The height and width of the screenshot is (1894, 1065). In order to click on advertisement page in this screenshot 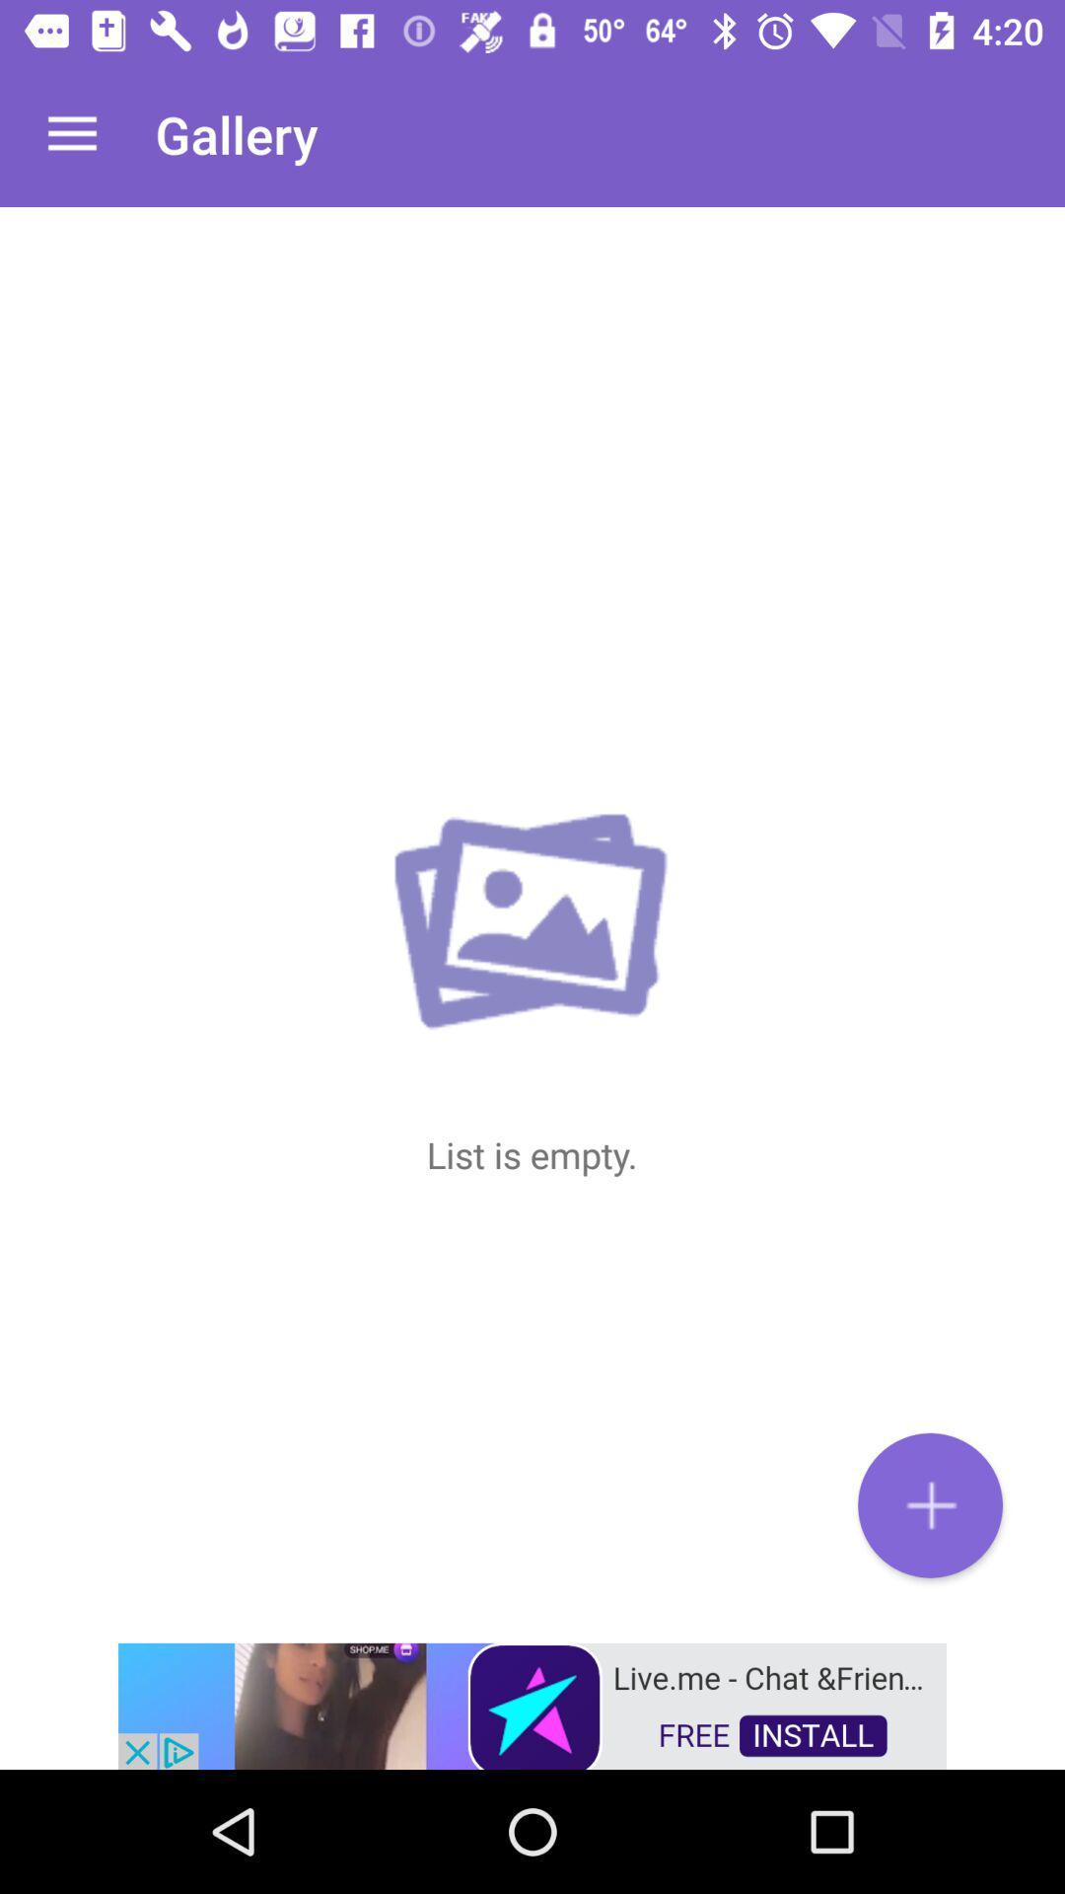, I will do `click(532, 1704)`.